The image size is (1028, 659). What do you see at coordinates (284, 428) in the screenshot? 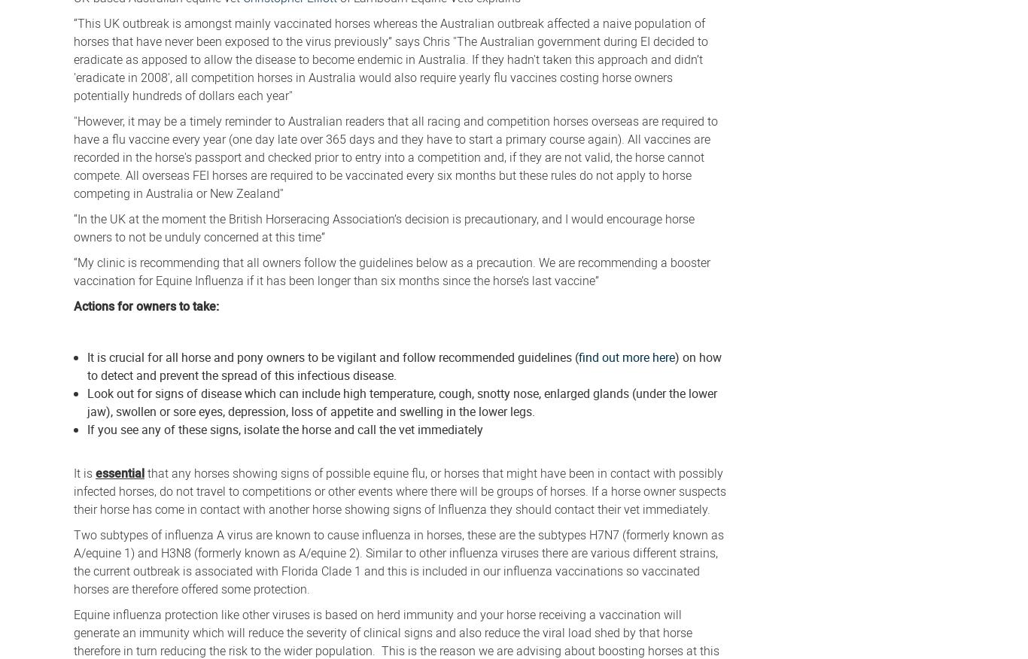
I see `'If you see any of these signs, isolate the horse and call the vet immediately'` at bounding box center [284, 428].